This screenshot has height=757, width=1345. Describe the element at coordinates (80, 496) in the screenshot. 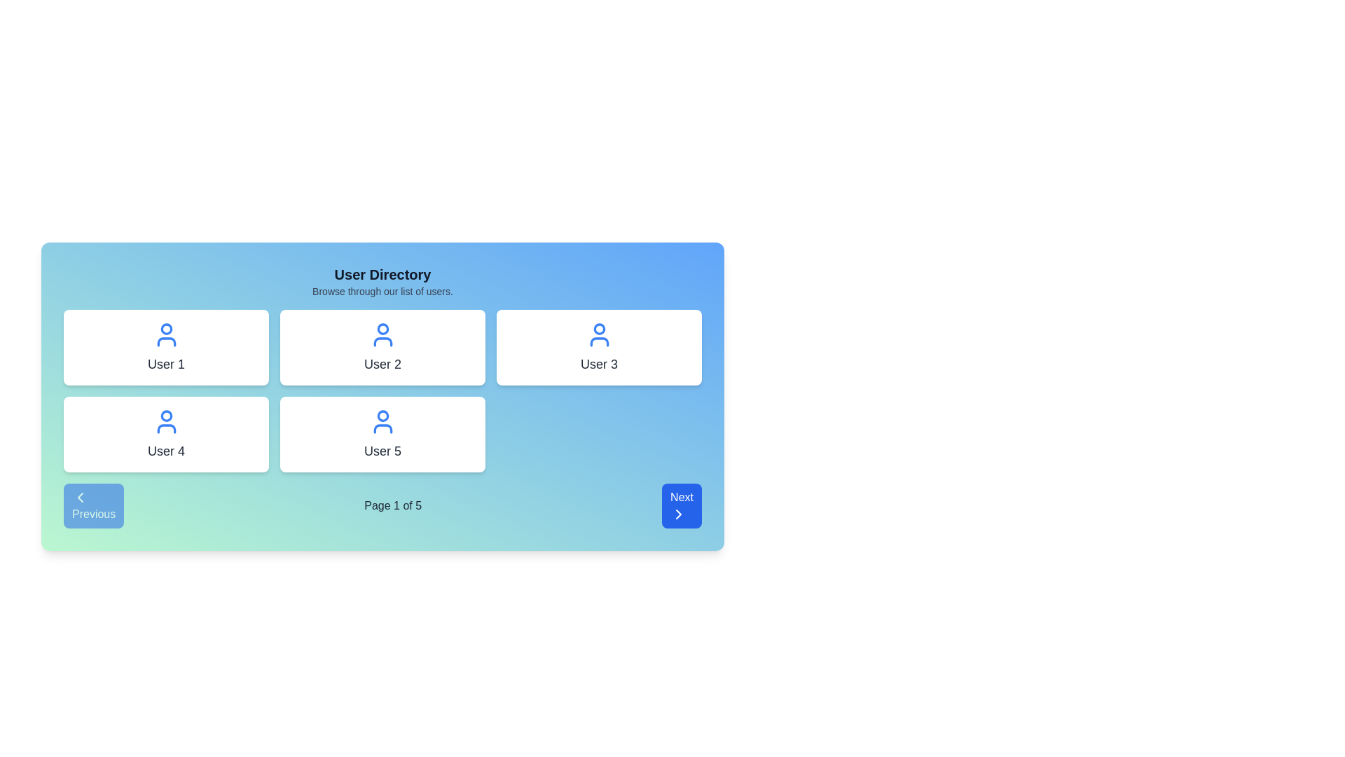

I see `the leftward-pointing chevron icon within the 'Previous' button` at that location.